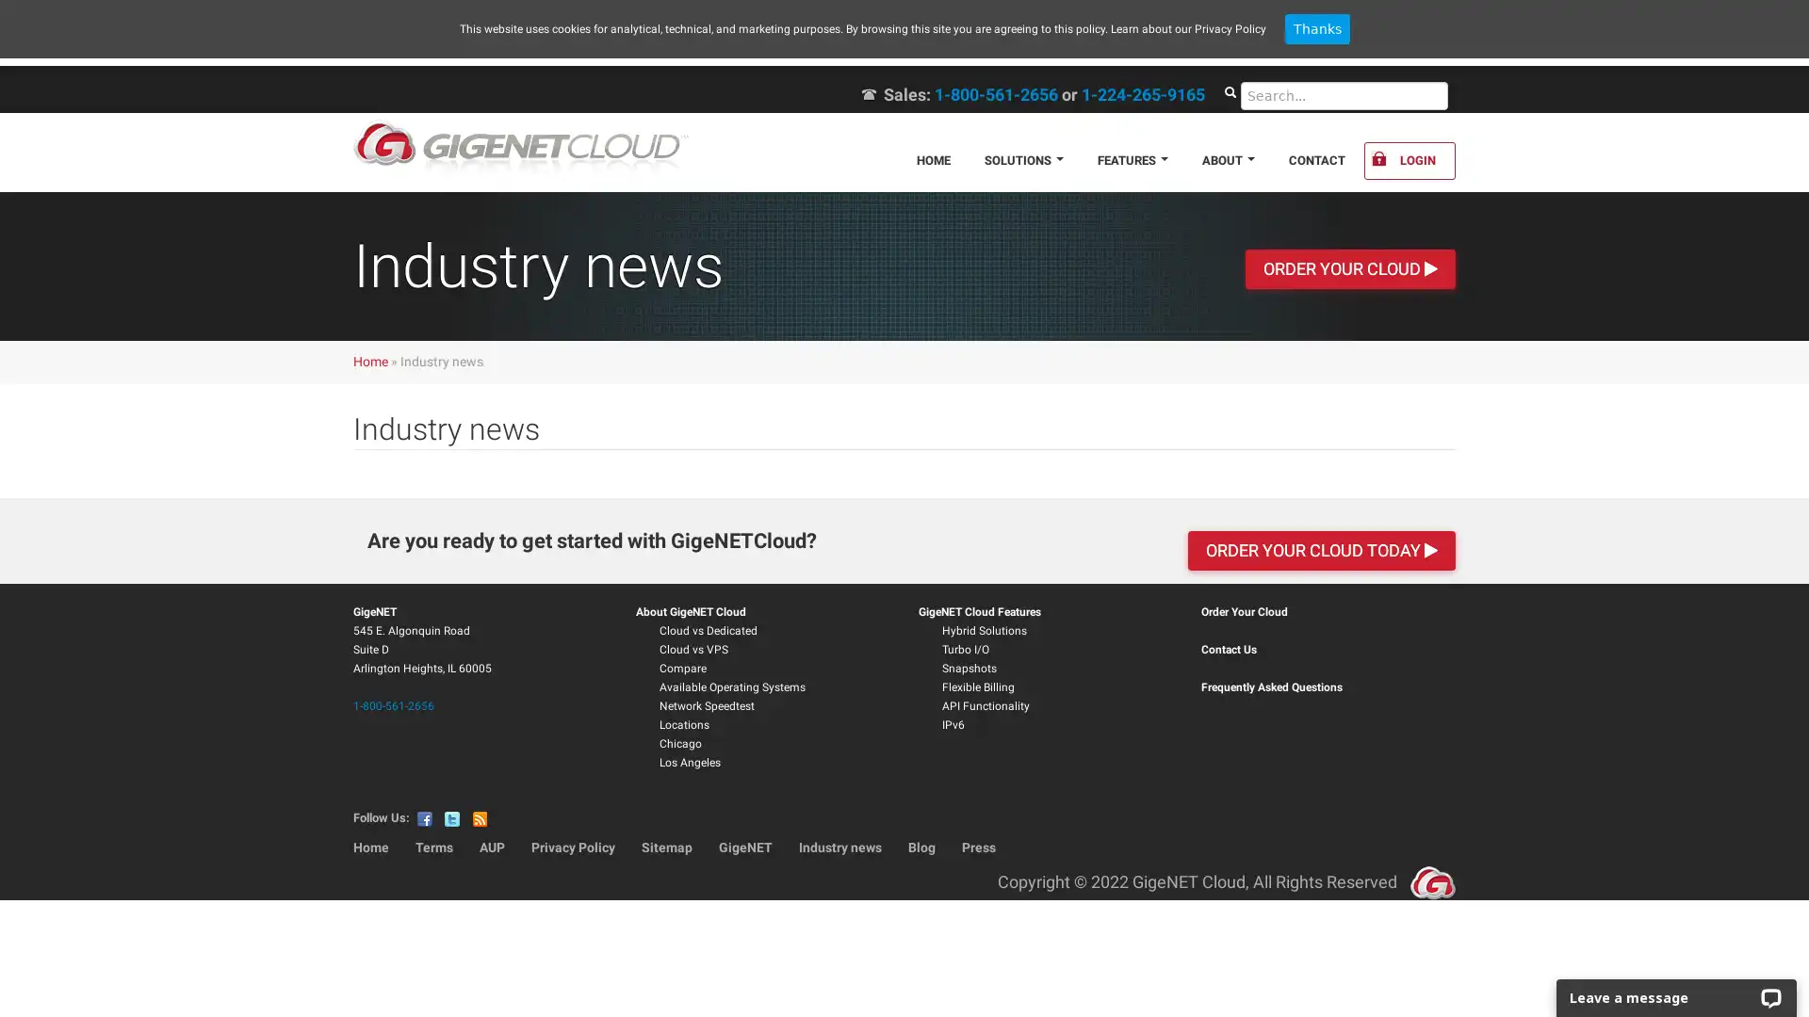 This screenshot has height=1017, width=1809. What do you see at coordinates (1315, 28) in the screenshot?
I see `Thanks` at bounding box center [1315, 28].